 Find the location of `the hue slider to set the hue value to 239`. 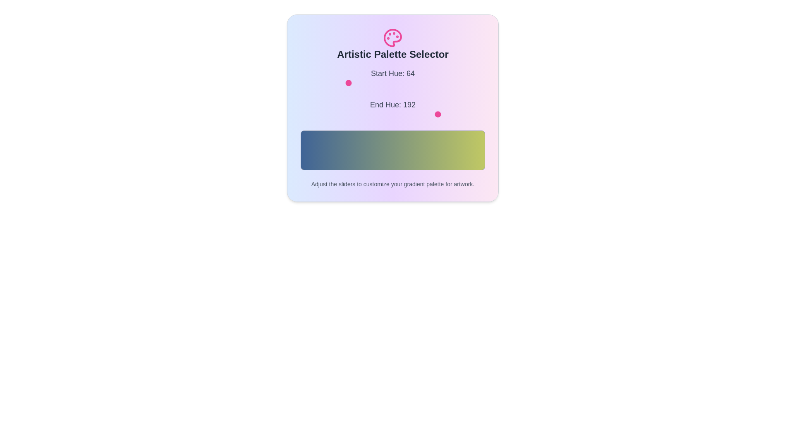

the hue slider to set the hue value to 239 is located at coordinates (474, 83).